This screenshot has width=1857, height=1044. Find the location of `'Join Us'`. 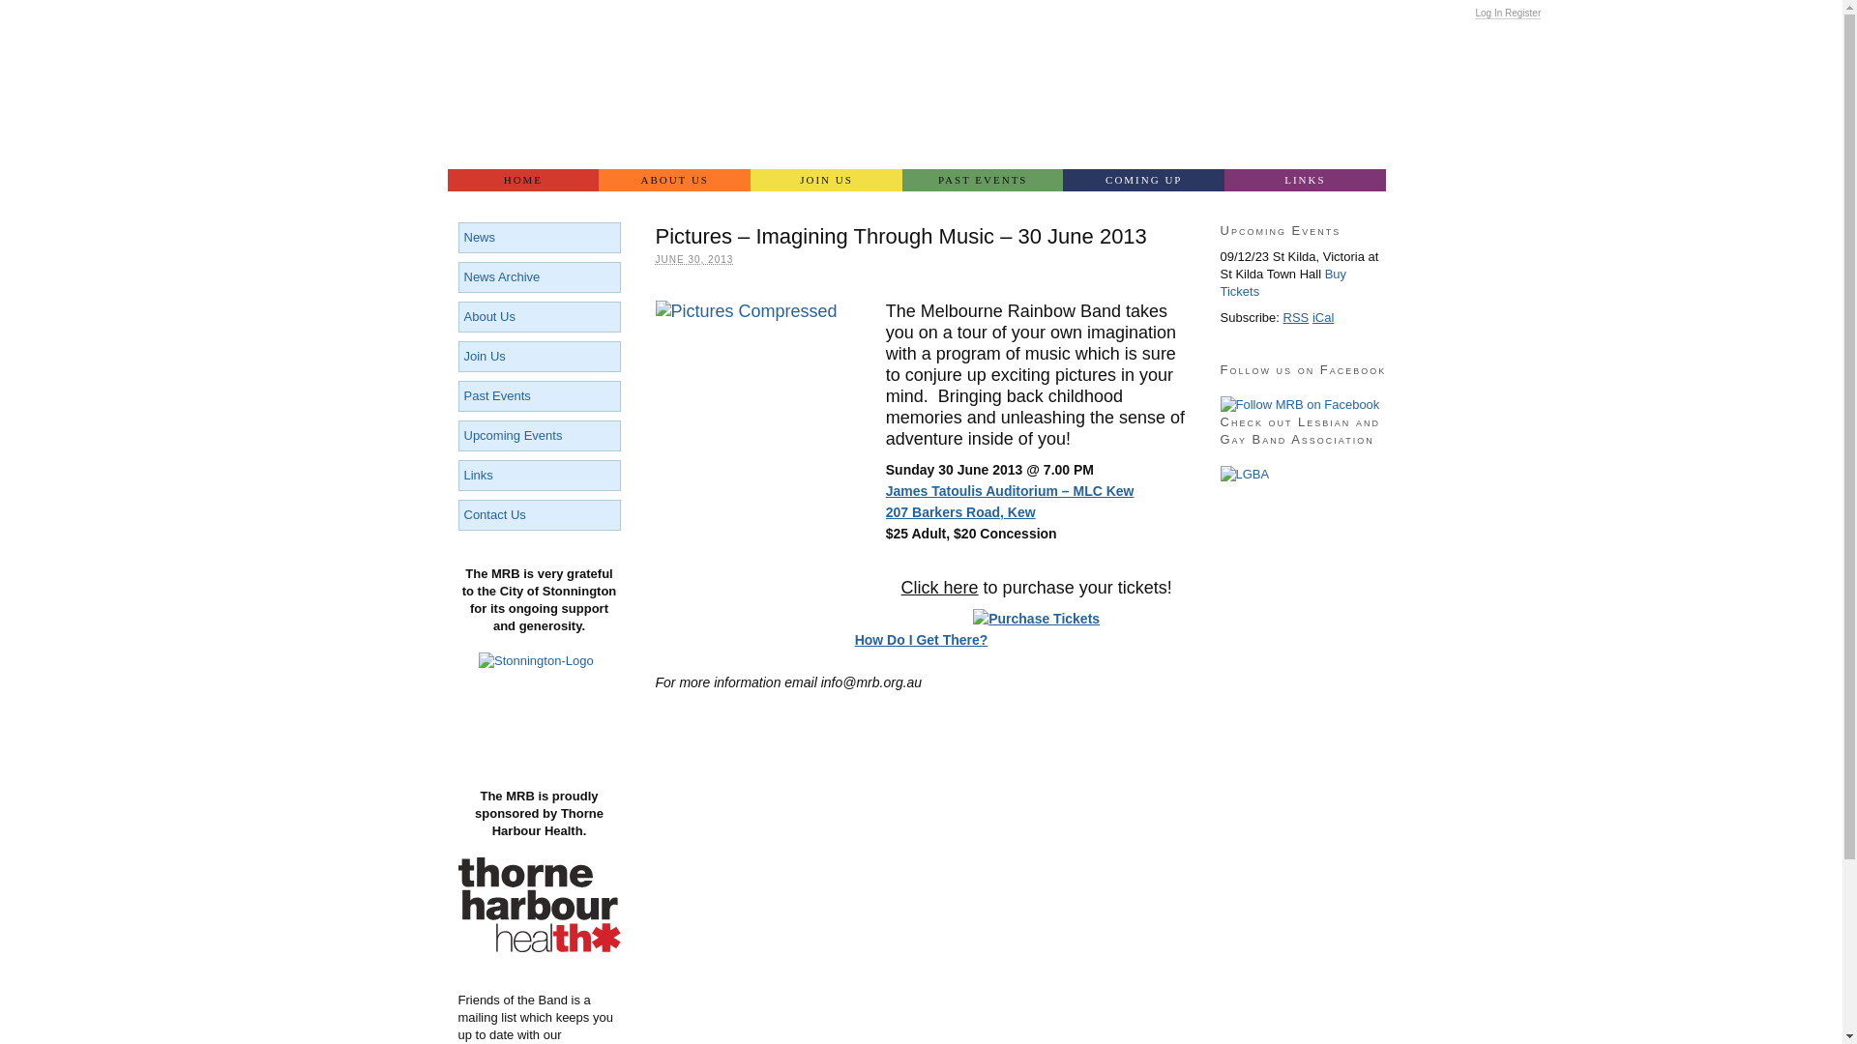

'Join Us' is located at coordinates (485, 356).